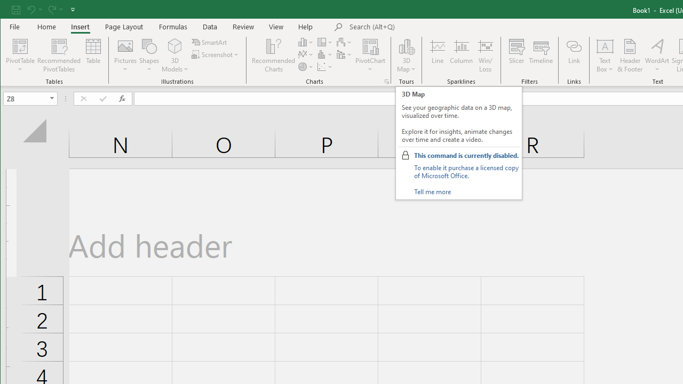 The image size is (683, 384). What do you see at coordinates (93, 55) in the screenshot?
I see `'Table'` at bounding box center [93, 55].